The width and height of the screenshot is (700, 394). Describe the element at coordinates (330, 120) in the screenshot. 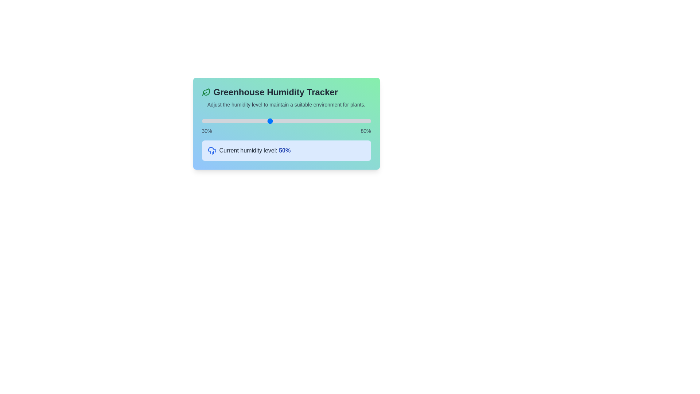

I see `the humidity level to 68% using the slider` at that location.